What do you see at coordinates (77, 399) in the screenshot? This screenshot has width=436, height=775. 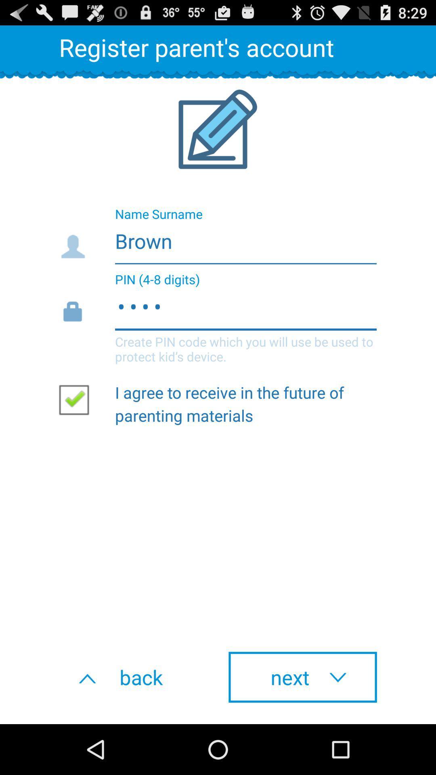 I see `item above back` at bounding box center [77, 399].